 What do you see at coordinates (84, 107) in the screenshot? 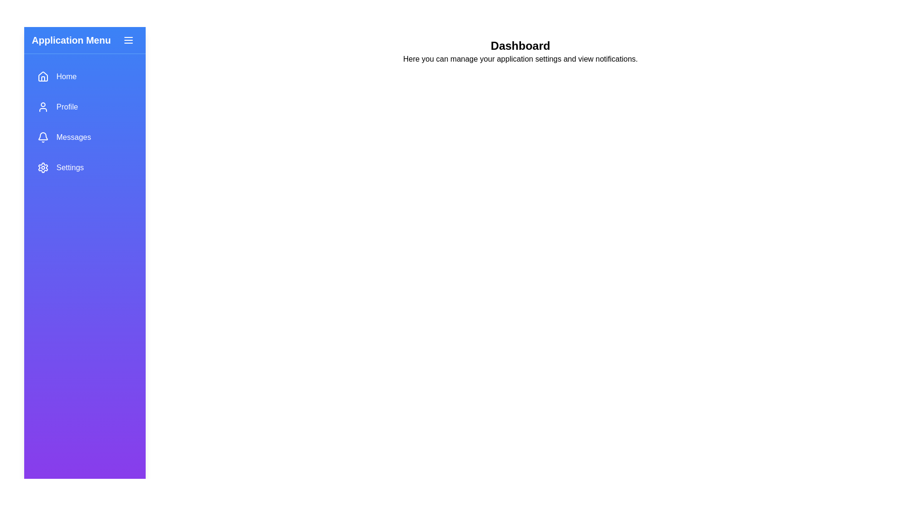
I see `the second item in the vertical menu list, which serves as a navigation link to the user's profile section` at bounding box center [84, 107].